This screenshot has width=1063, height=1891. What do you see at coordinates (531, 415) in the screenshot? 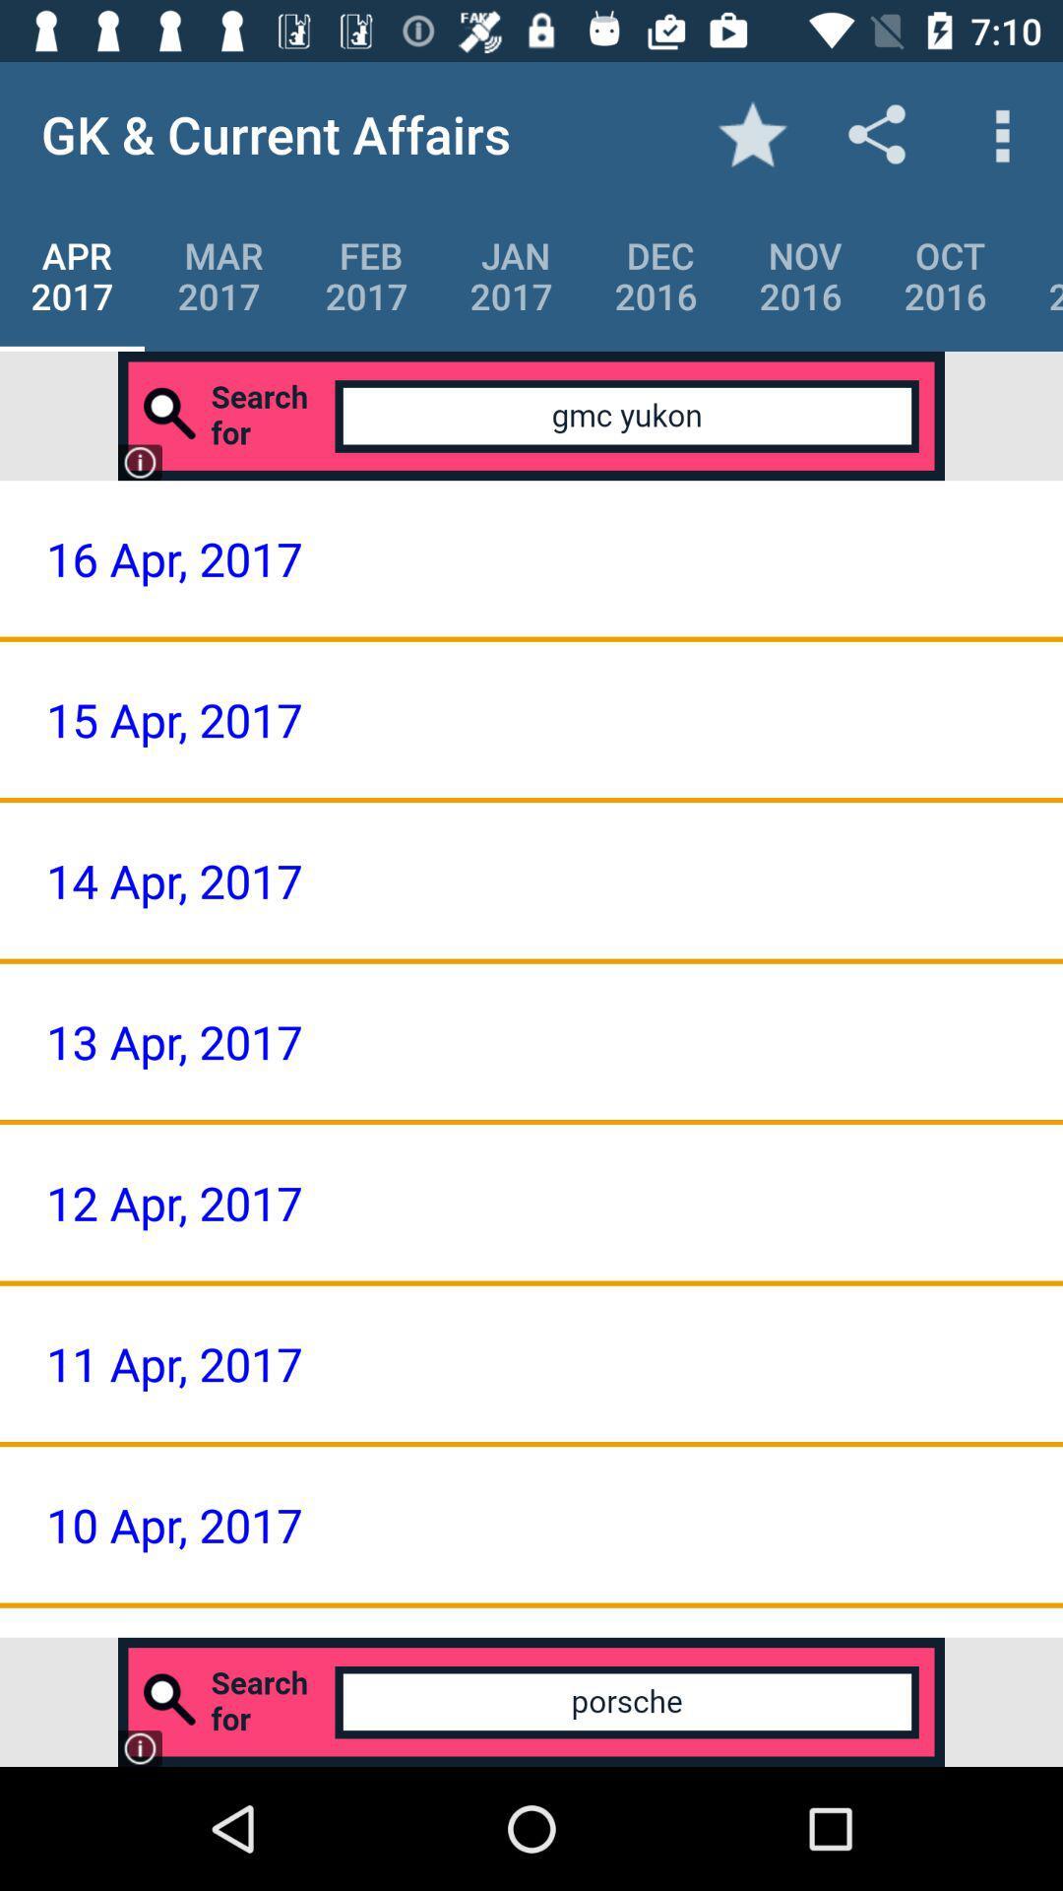
I see `search for` at bounding box center [531, 415].